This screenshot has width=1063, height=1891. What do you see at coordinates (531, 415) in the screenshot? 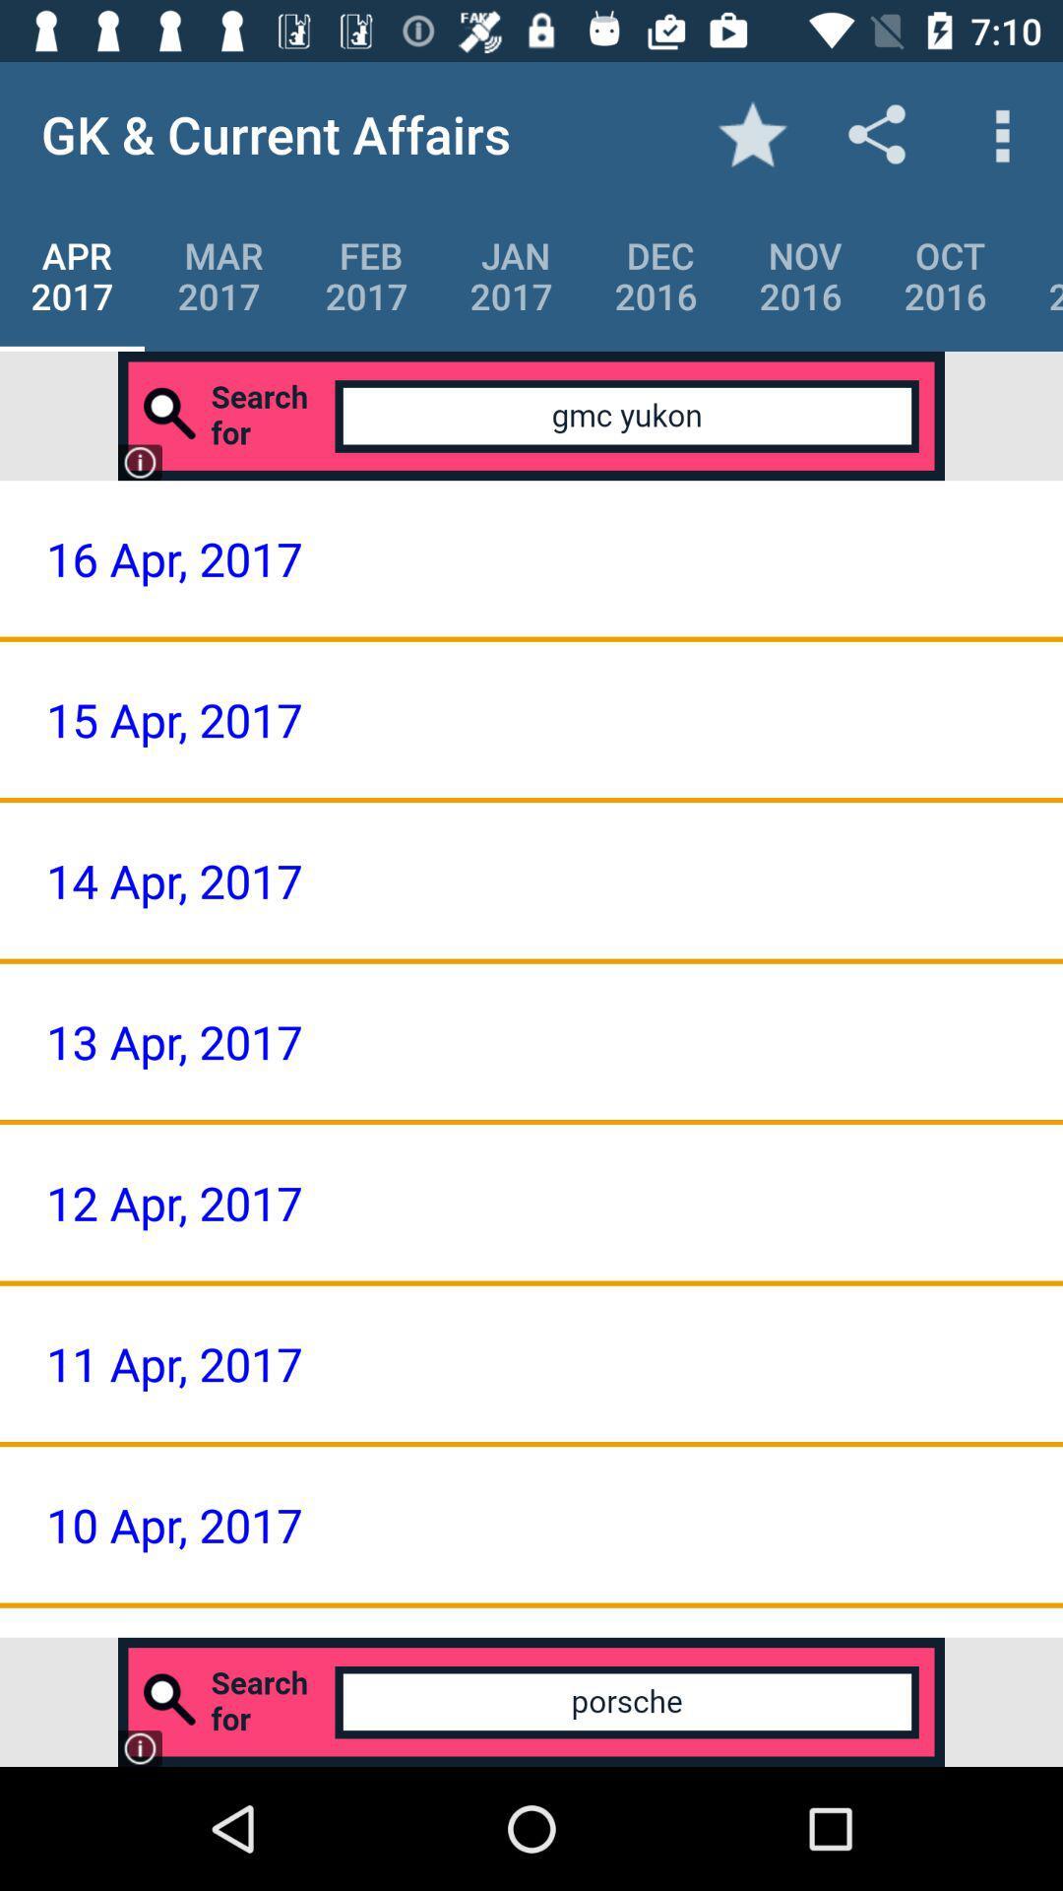
I see `search for` at bounding box center [531, 415].